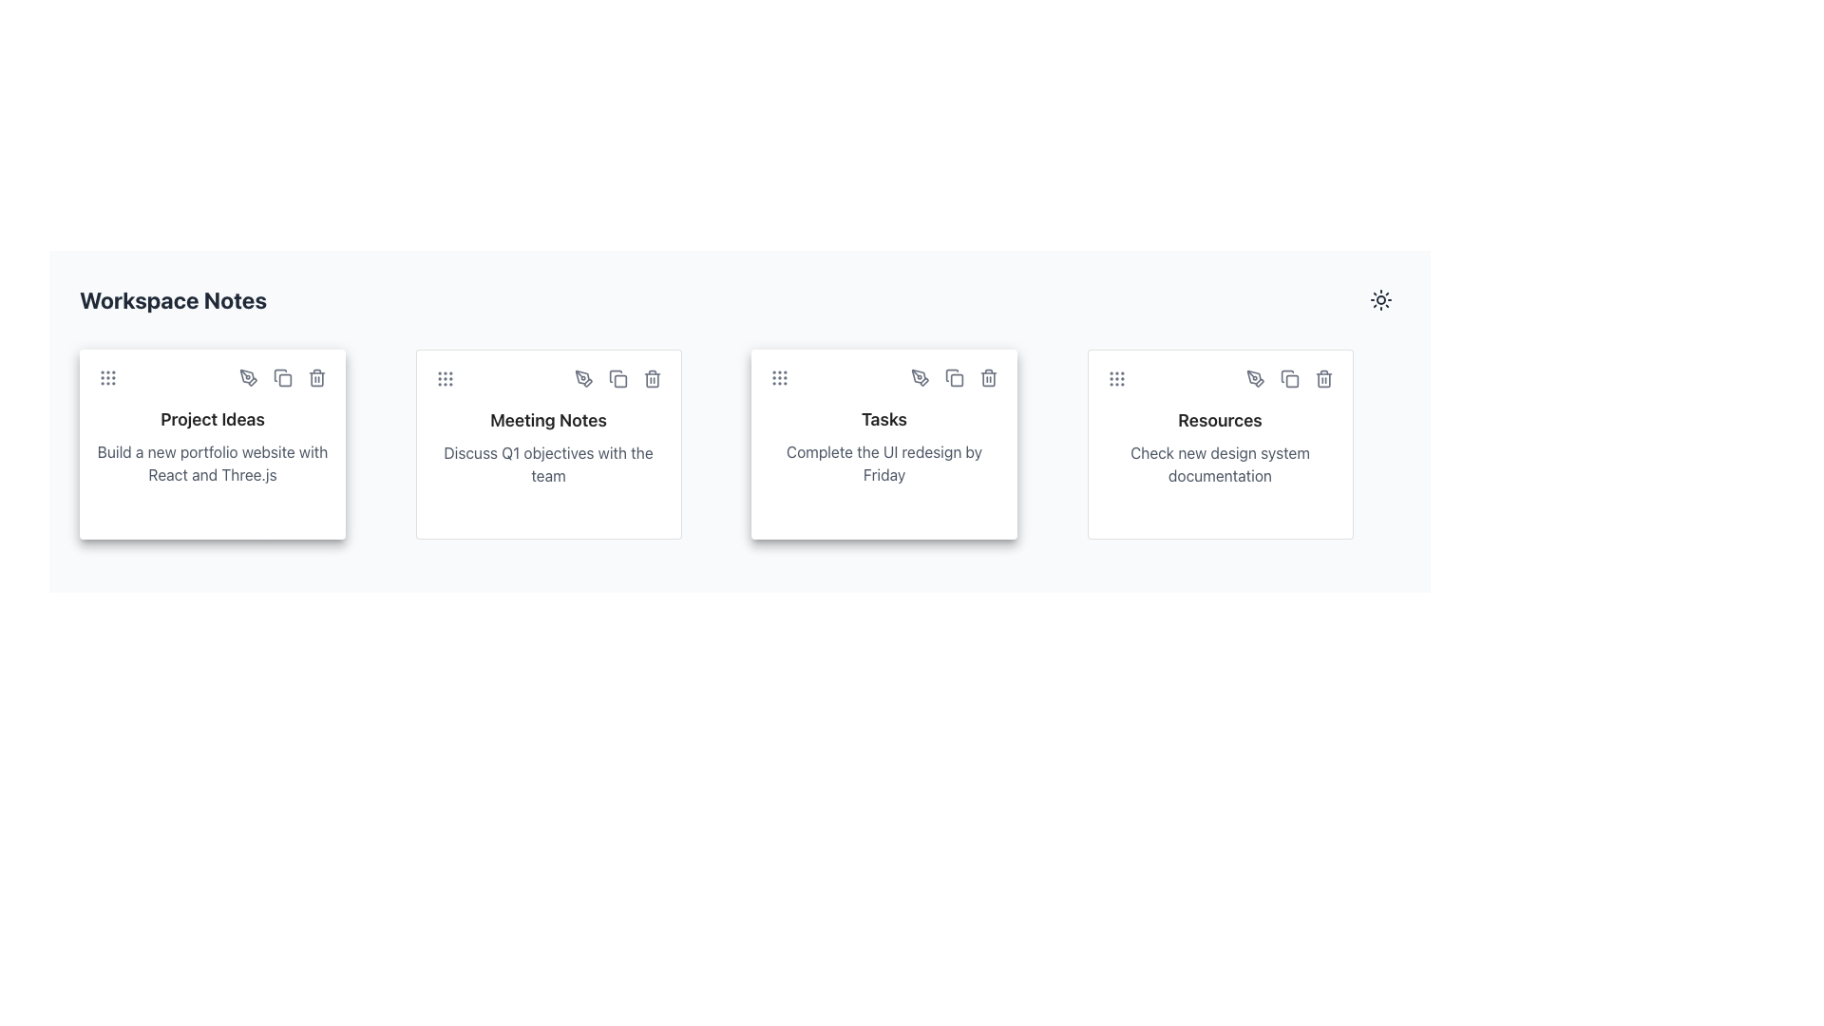  I want to click on the sun icon button located at the top-right corner of the UI, so click(1381, 299).